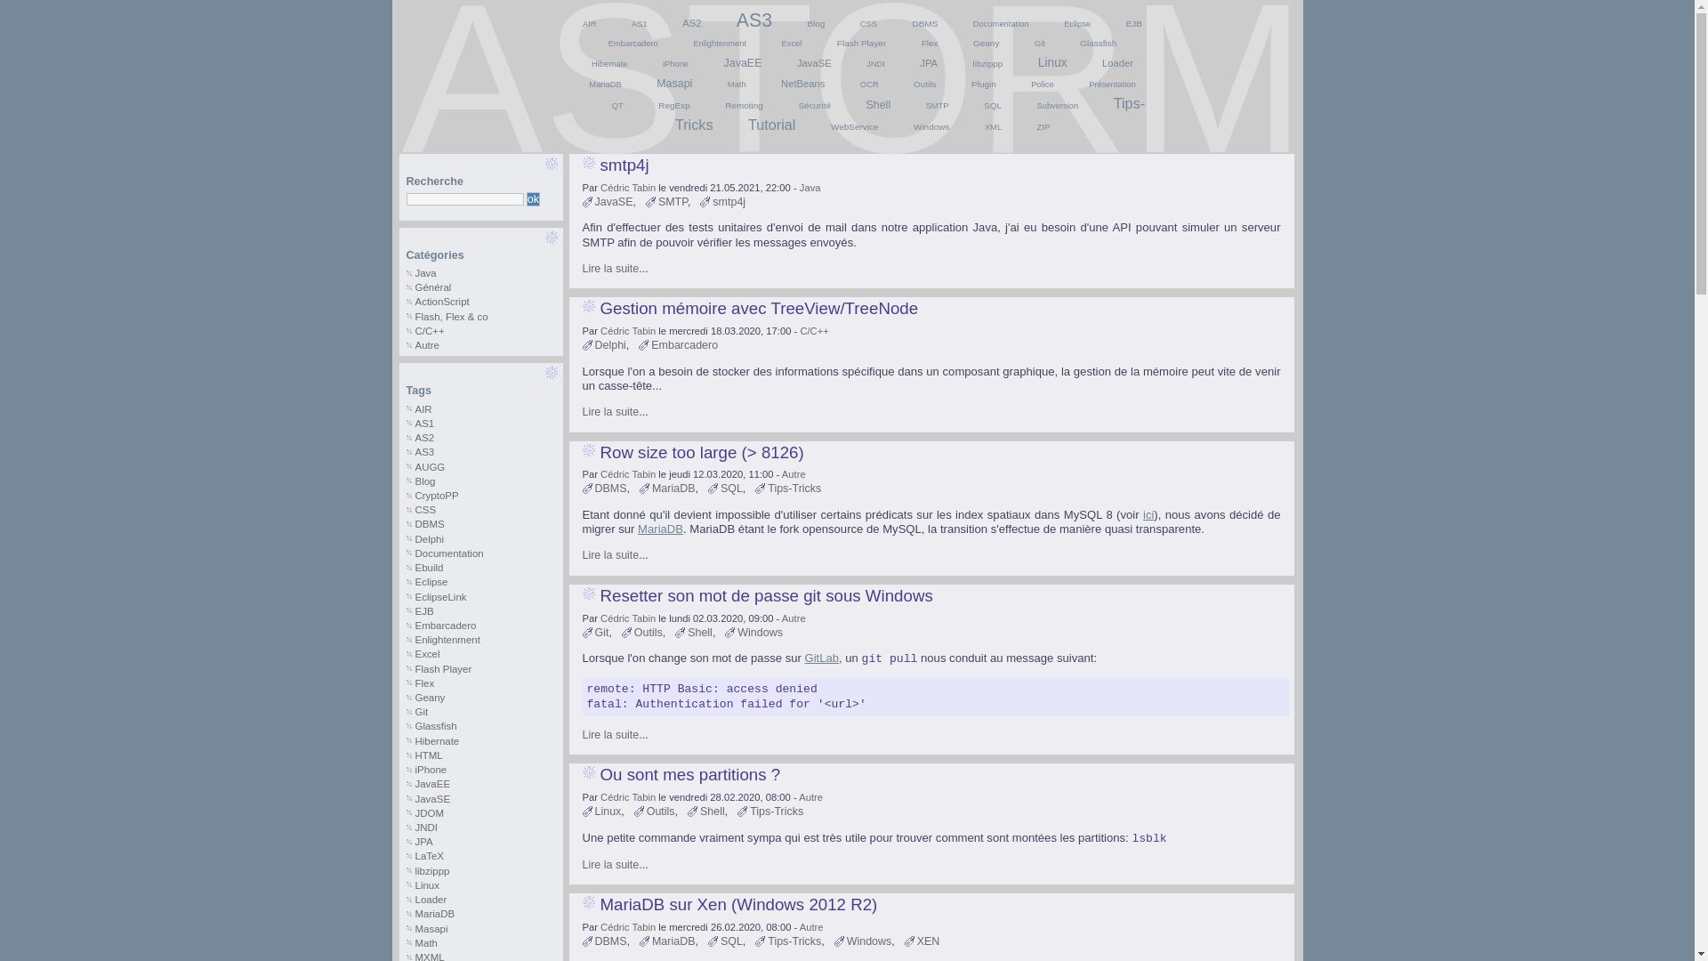 The height and width of the screenshot is (961, 1708). I want to click on 'CSS', so click(868, 24).